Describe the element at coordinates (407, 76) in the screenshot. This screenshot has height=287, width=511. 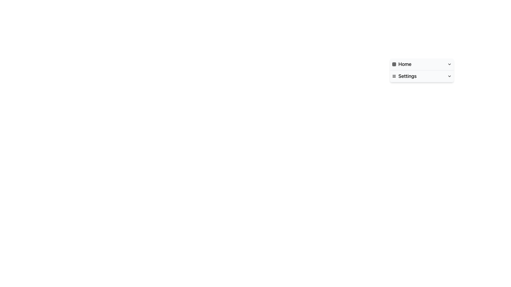
I see `the 'Settings' text label` at that location.